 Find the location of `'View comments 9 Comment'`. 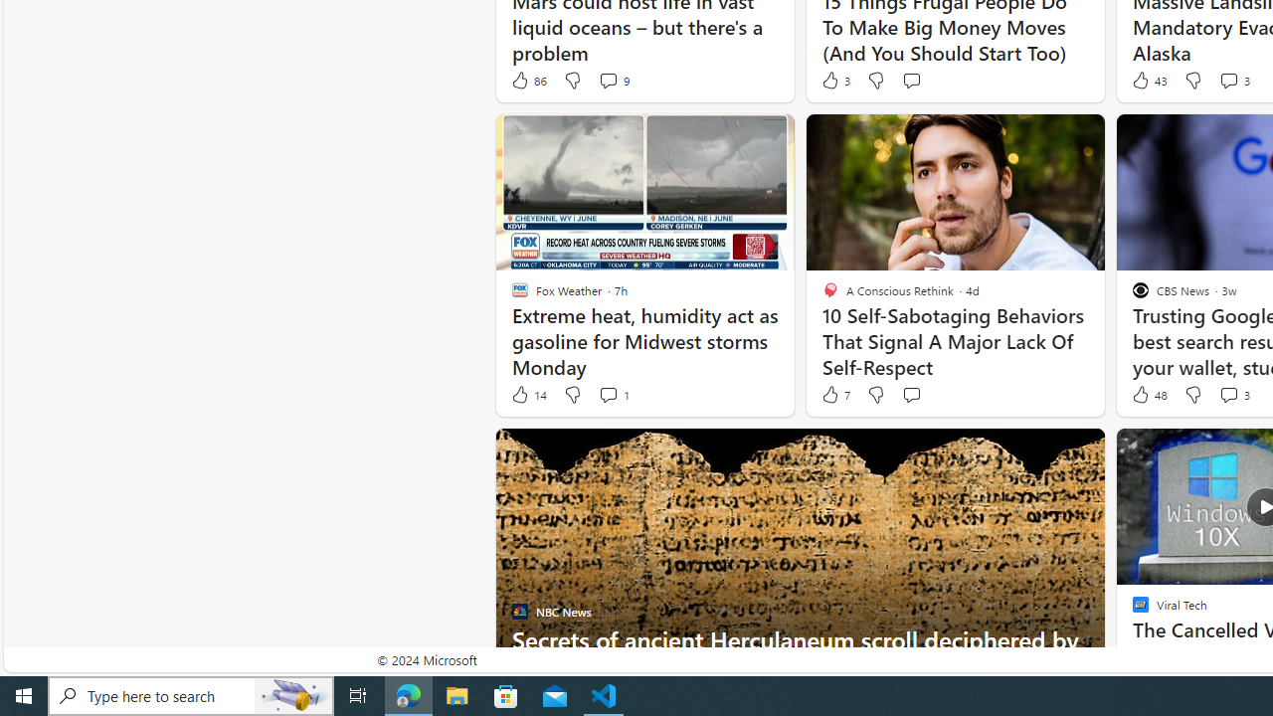

'View comments 9 Comment' is located at coordinates (607, 80).